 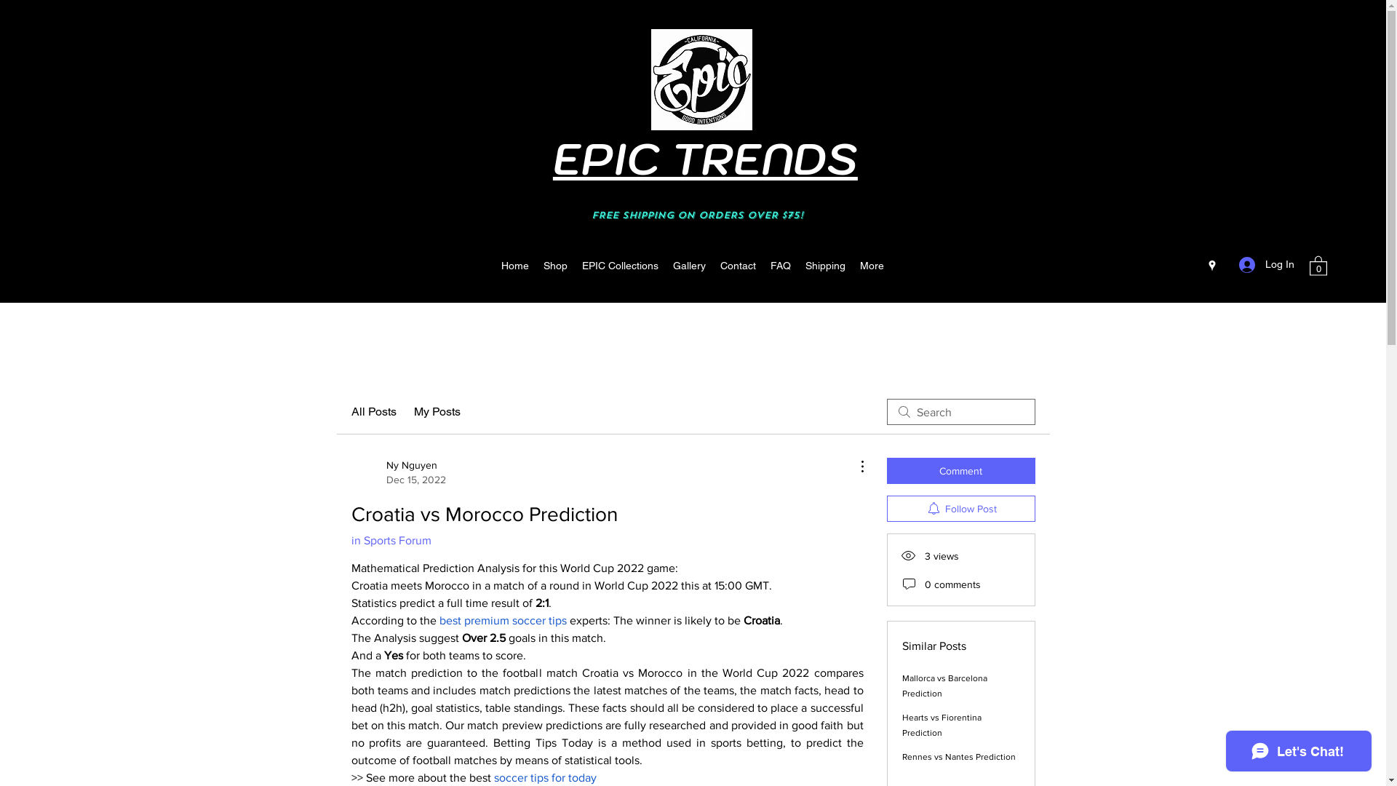 I want to click on 'Gallery', so click(x=688, y=266).